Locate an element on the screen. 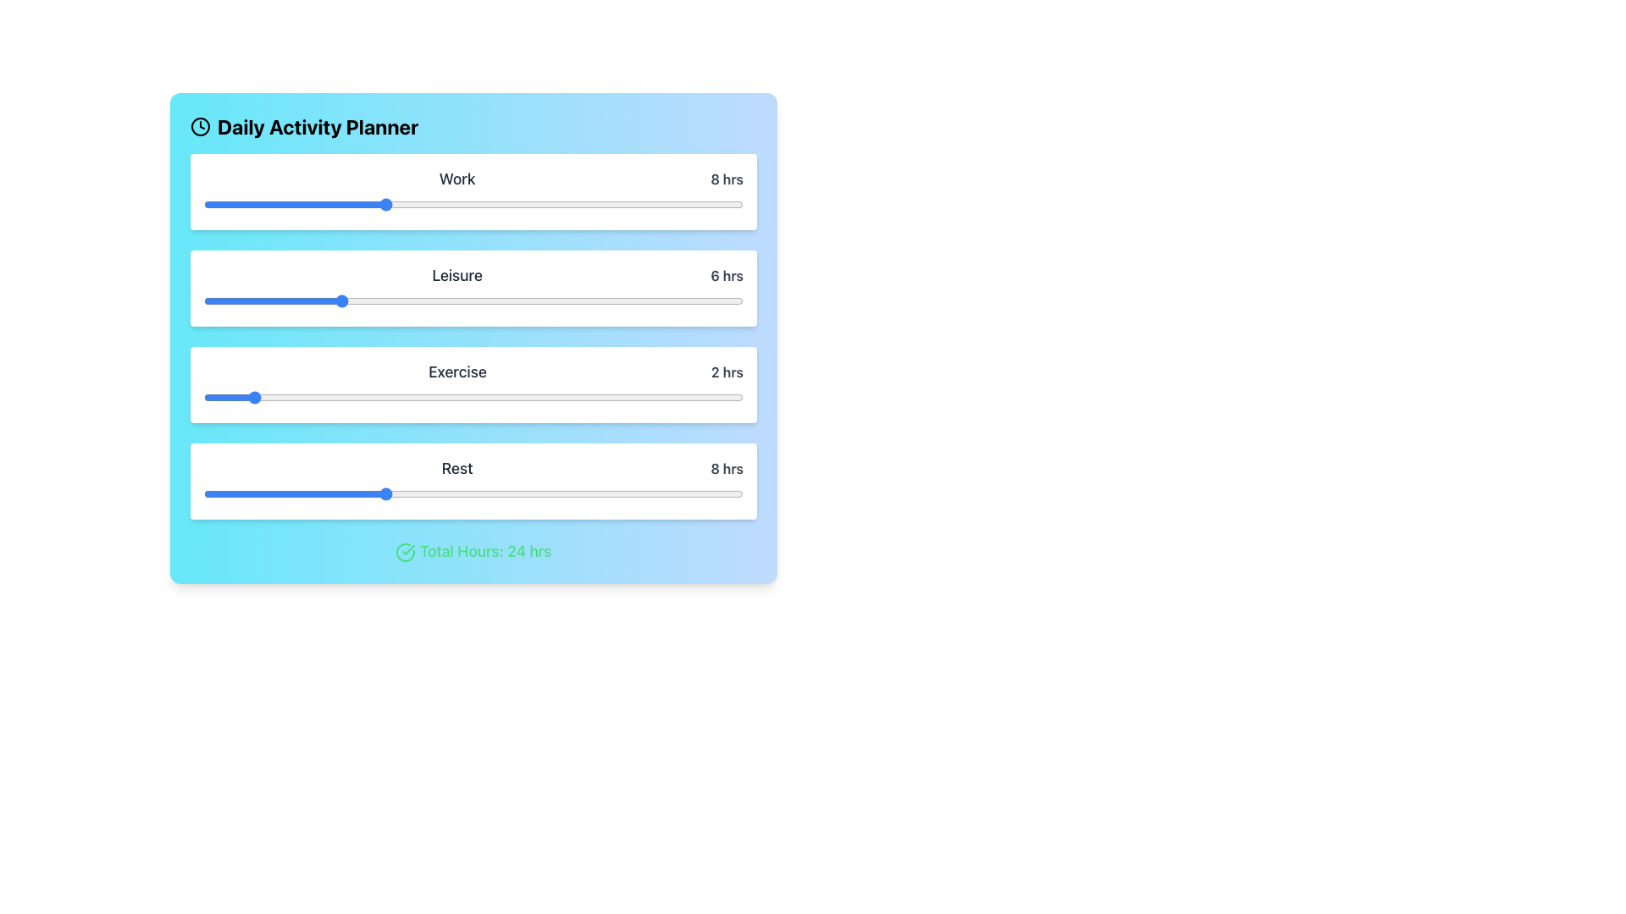 Image resolution: width=1626 pixels, height=914 pixels. the circular clock icon with a black outline on a turquoise background, located to the left of the 'Daily Activity Planner' heading is located at coordinates (200, 126).